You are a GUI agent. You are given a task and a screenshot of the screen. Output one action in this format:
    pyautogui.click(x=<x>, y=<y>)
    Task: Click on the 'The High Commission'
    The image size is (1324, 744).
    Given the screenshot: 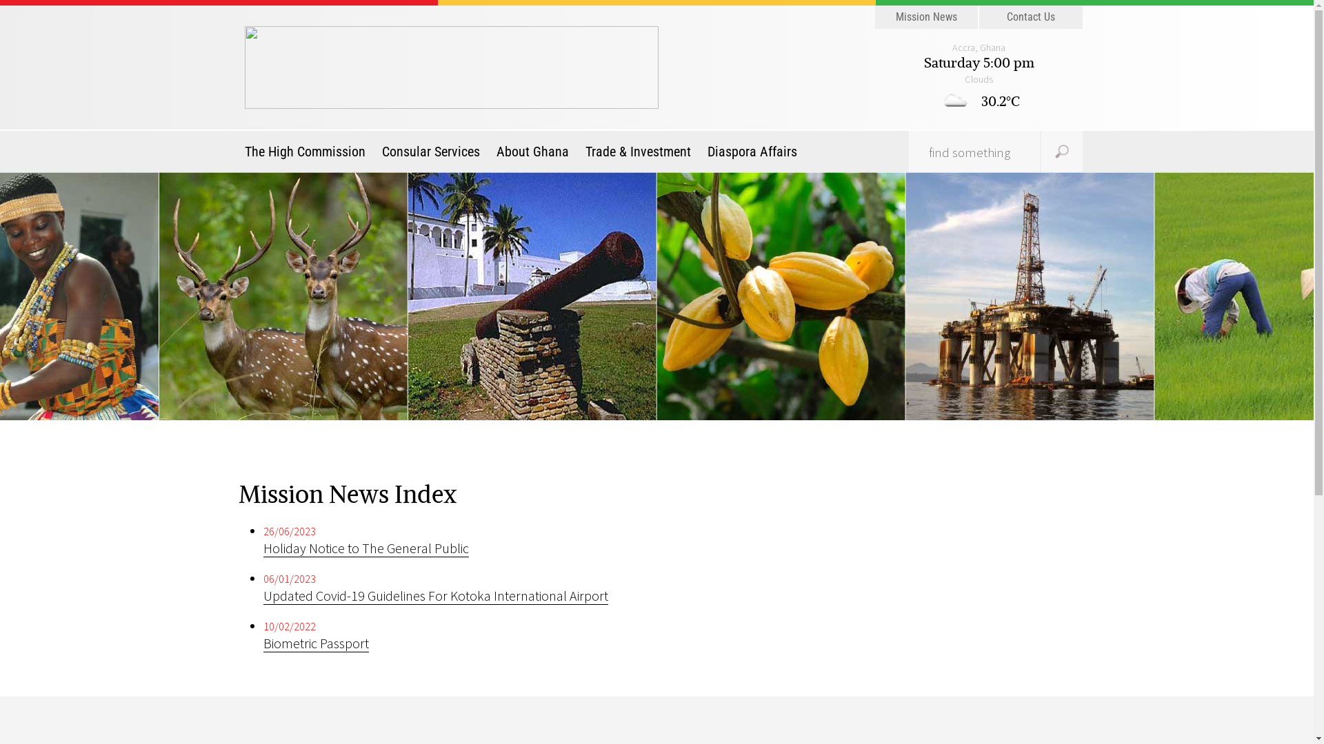 What is the action you would take?
    pyautogui.click(x=308, y=151)
    